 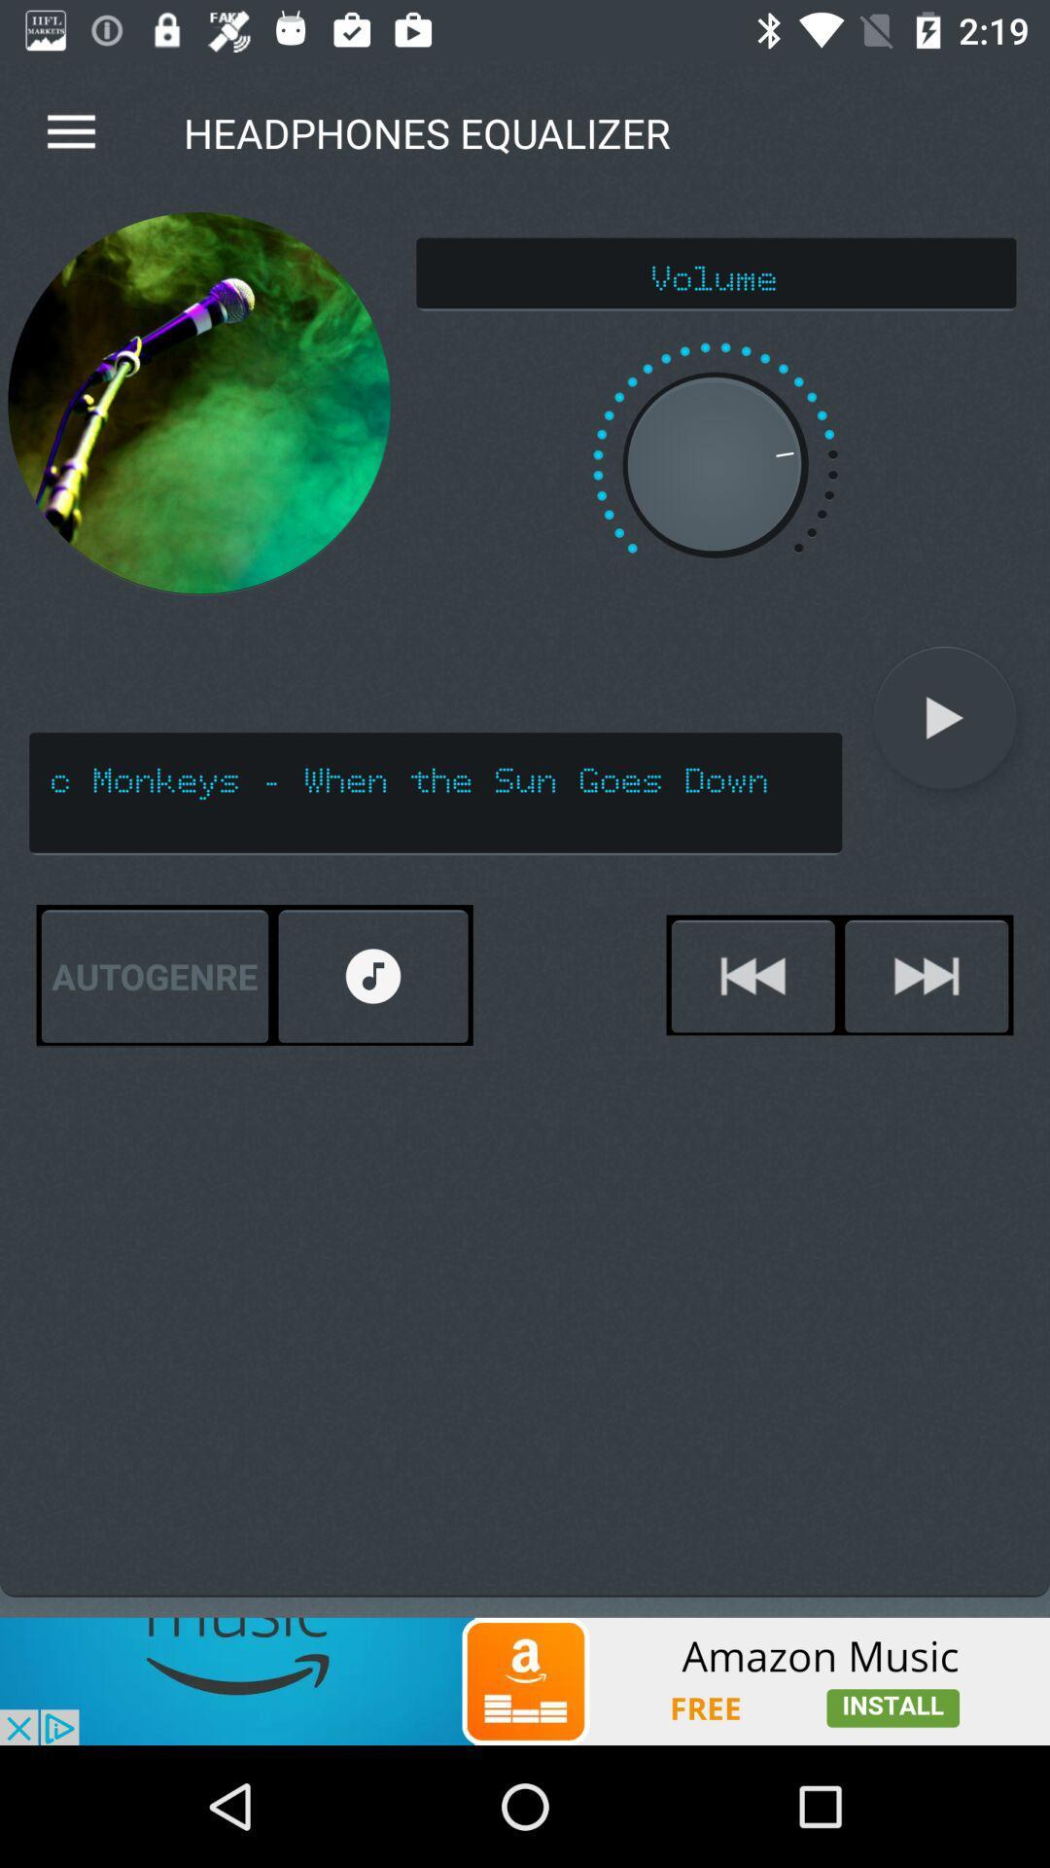 I want to click on item below arctic monkeys when, so click(x=926, y=976).